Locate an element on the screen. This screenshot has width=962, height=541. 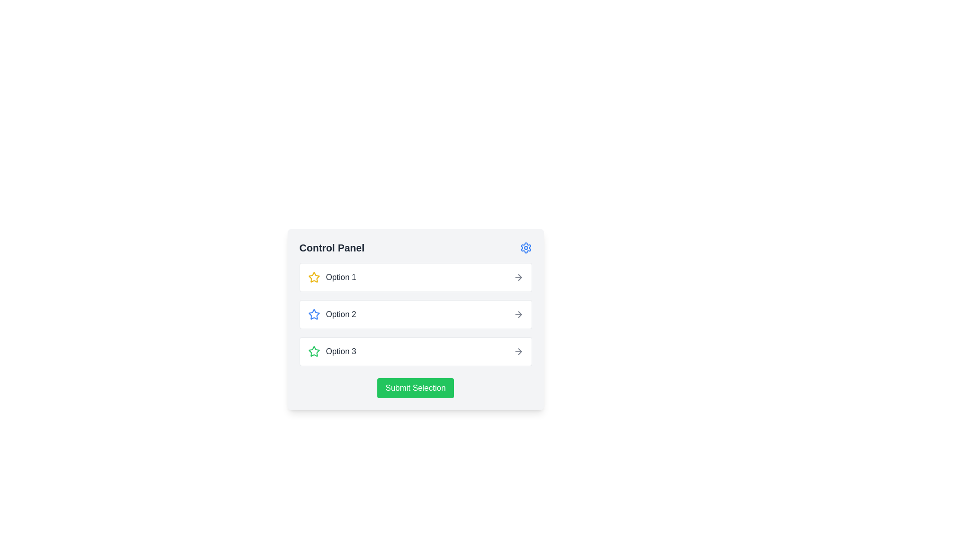
the rectangular button with a green background and white text that reads 'Submit Selection' is located at coordinates (415, 388).